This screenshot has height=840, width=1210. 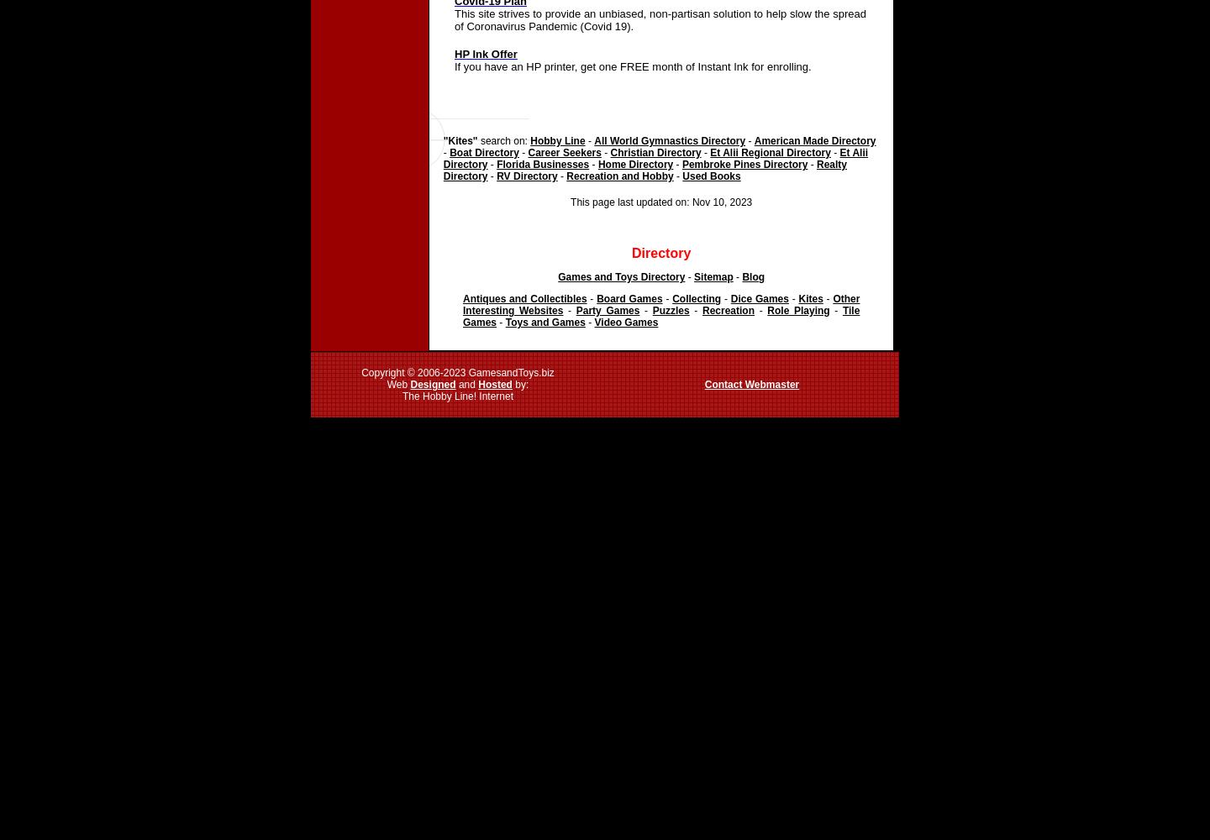 I want to click on 'American Made Directory', so click(x=752, y=141).